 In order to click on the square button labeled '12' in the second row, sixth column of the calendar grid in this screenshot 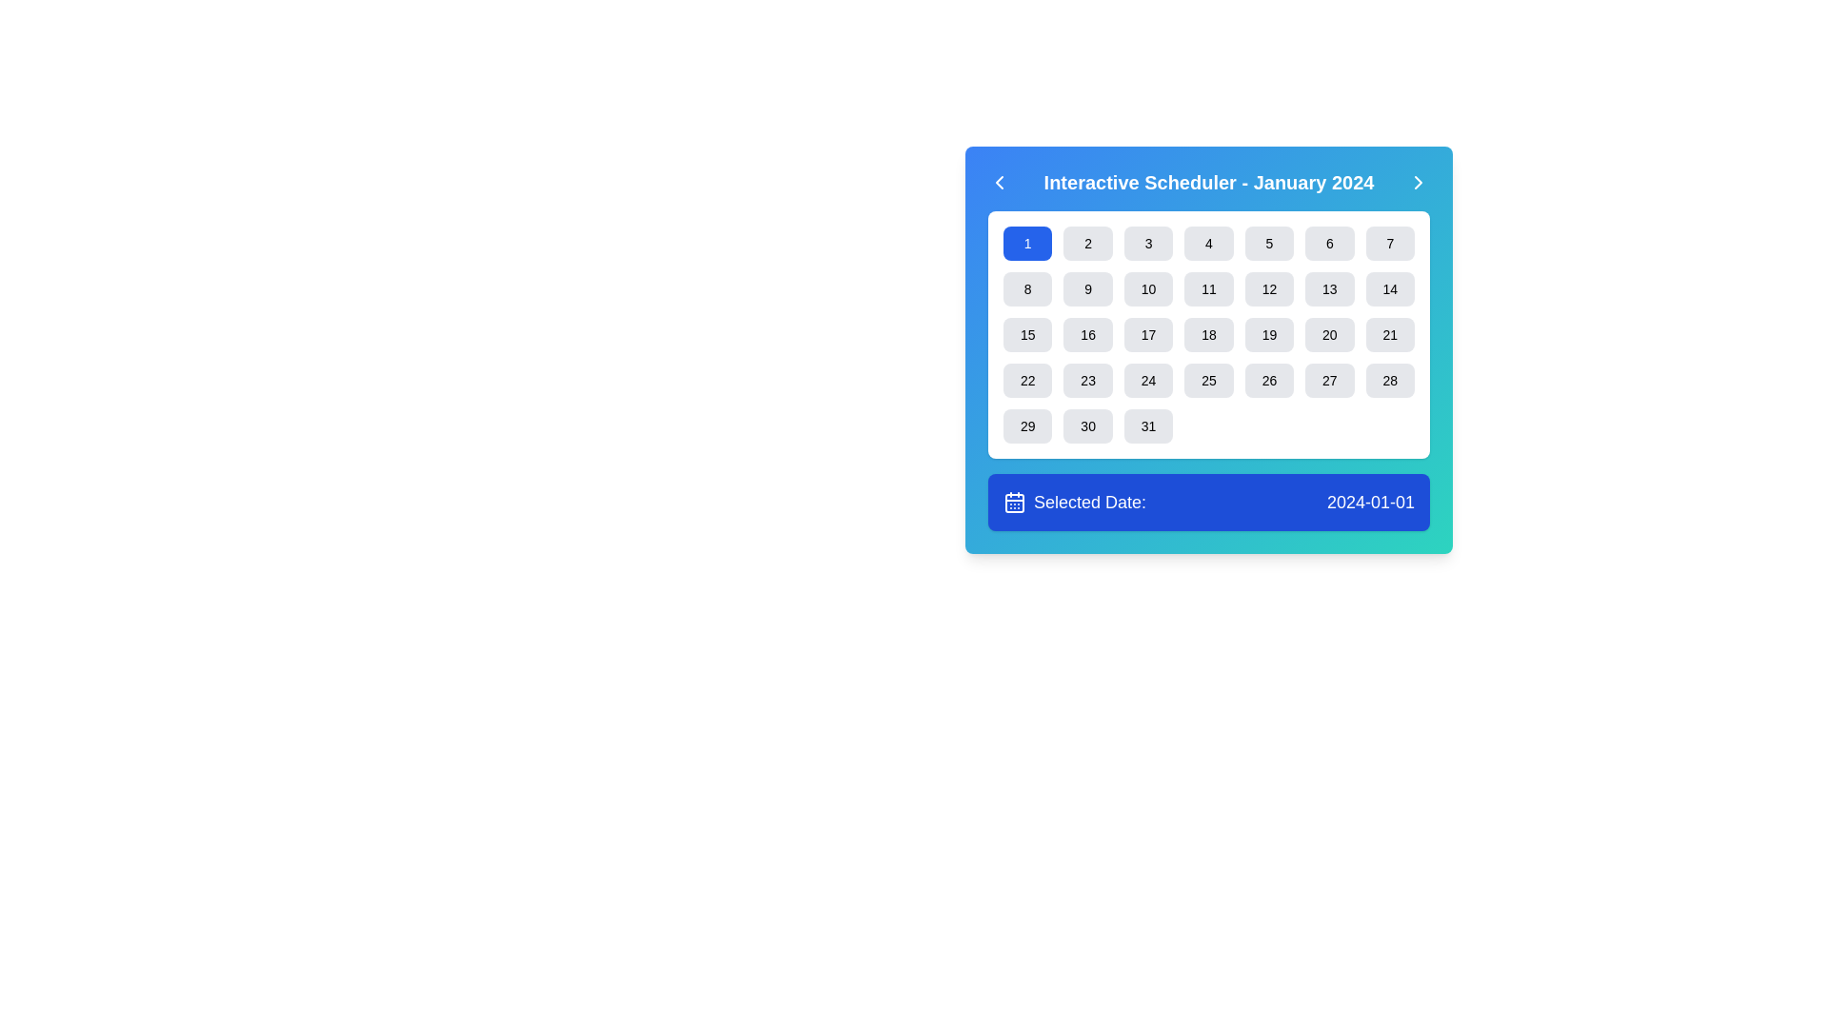, I will do `click(1269, 289)`.